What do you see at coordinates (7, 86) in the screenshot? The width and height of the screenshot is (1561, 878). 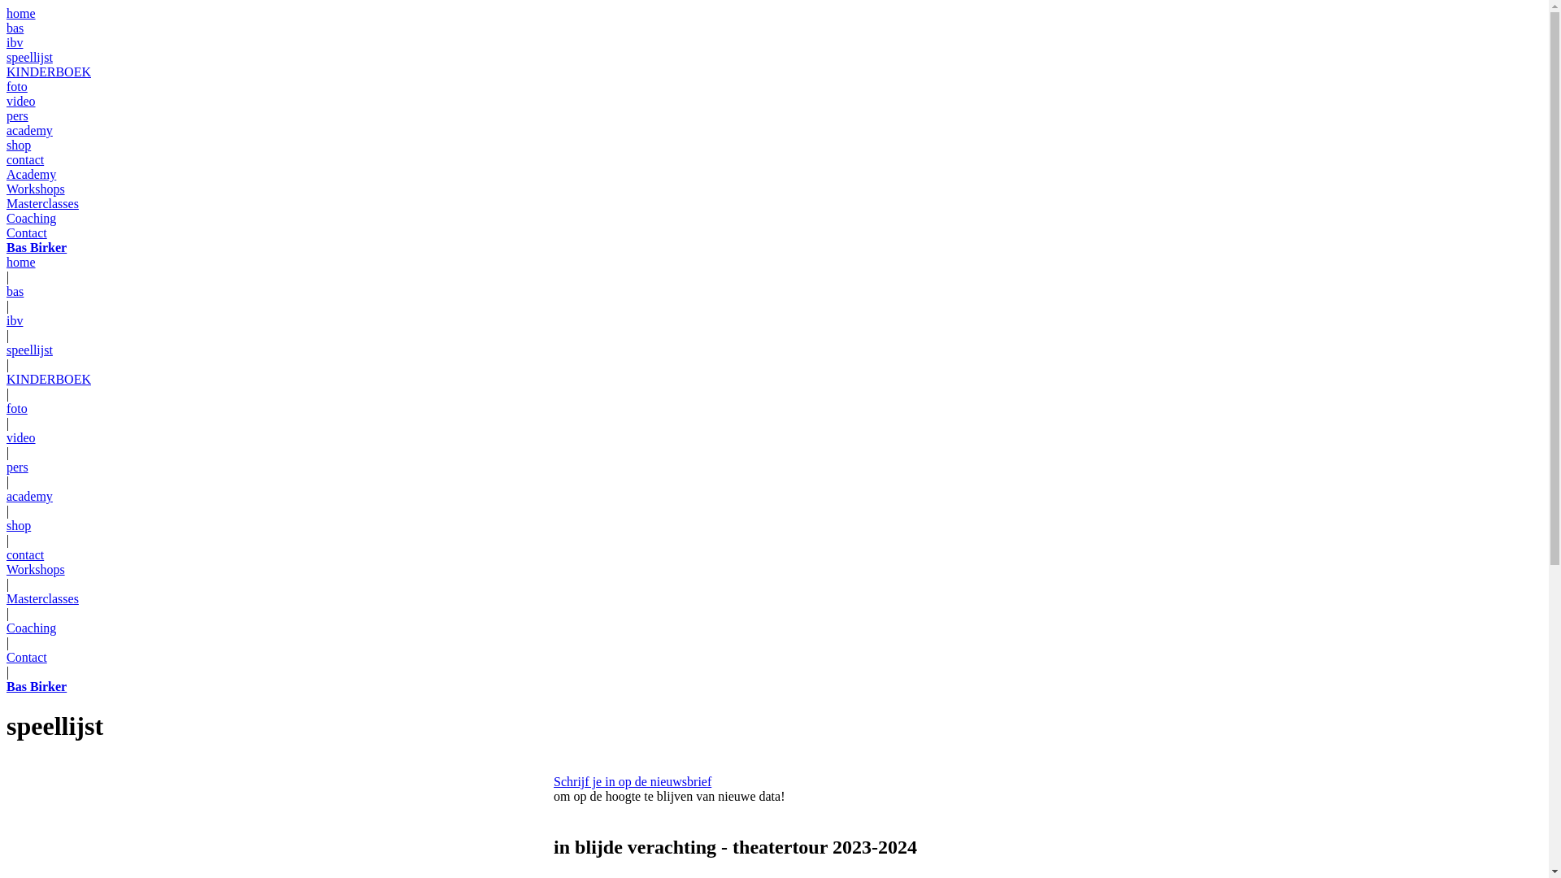 I see `'foto'` at bounding box center [7, 86].